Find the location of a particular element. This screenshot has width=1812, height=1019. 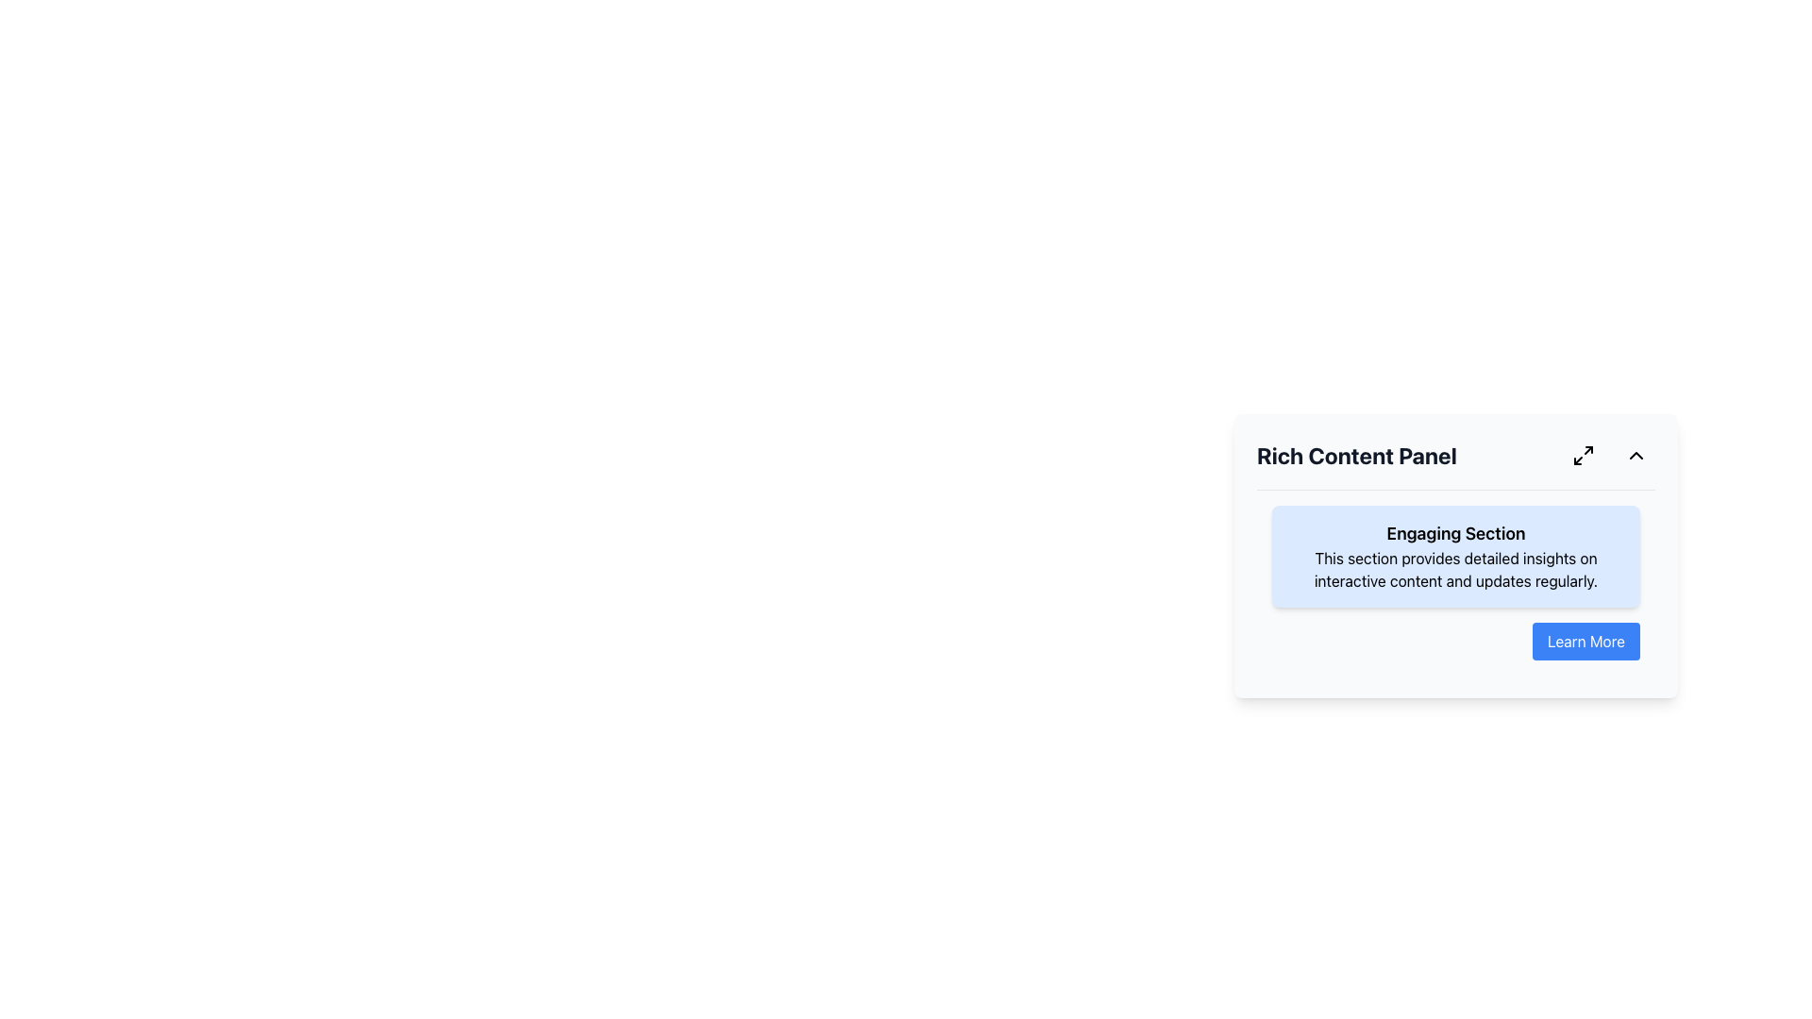

the expand button located in the top-right corner of the 'Rich Content Panel' header section to change its background is located at coordinates (1584, 455).